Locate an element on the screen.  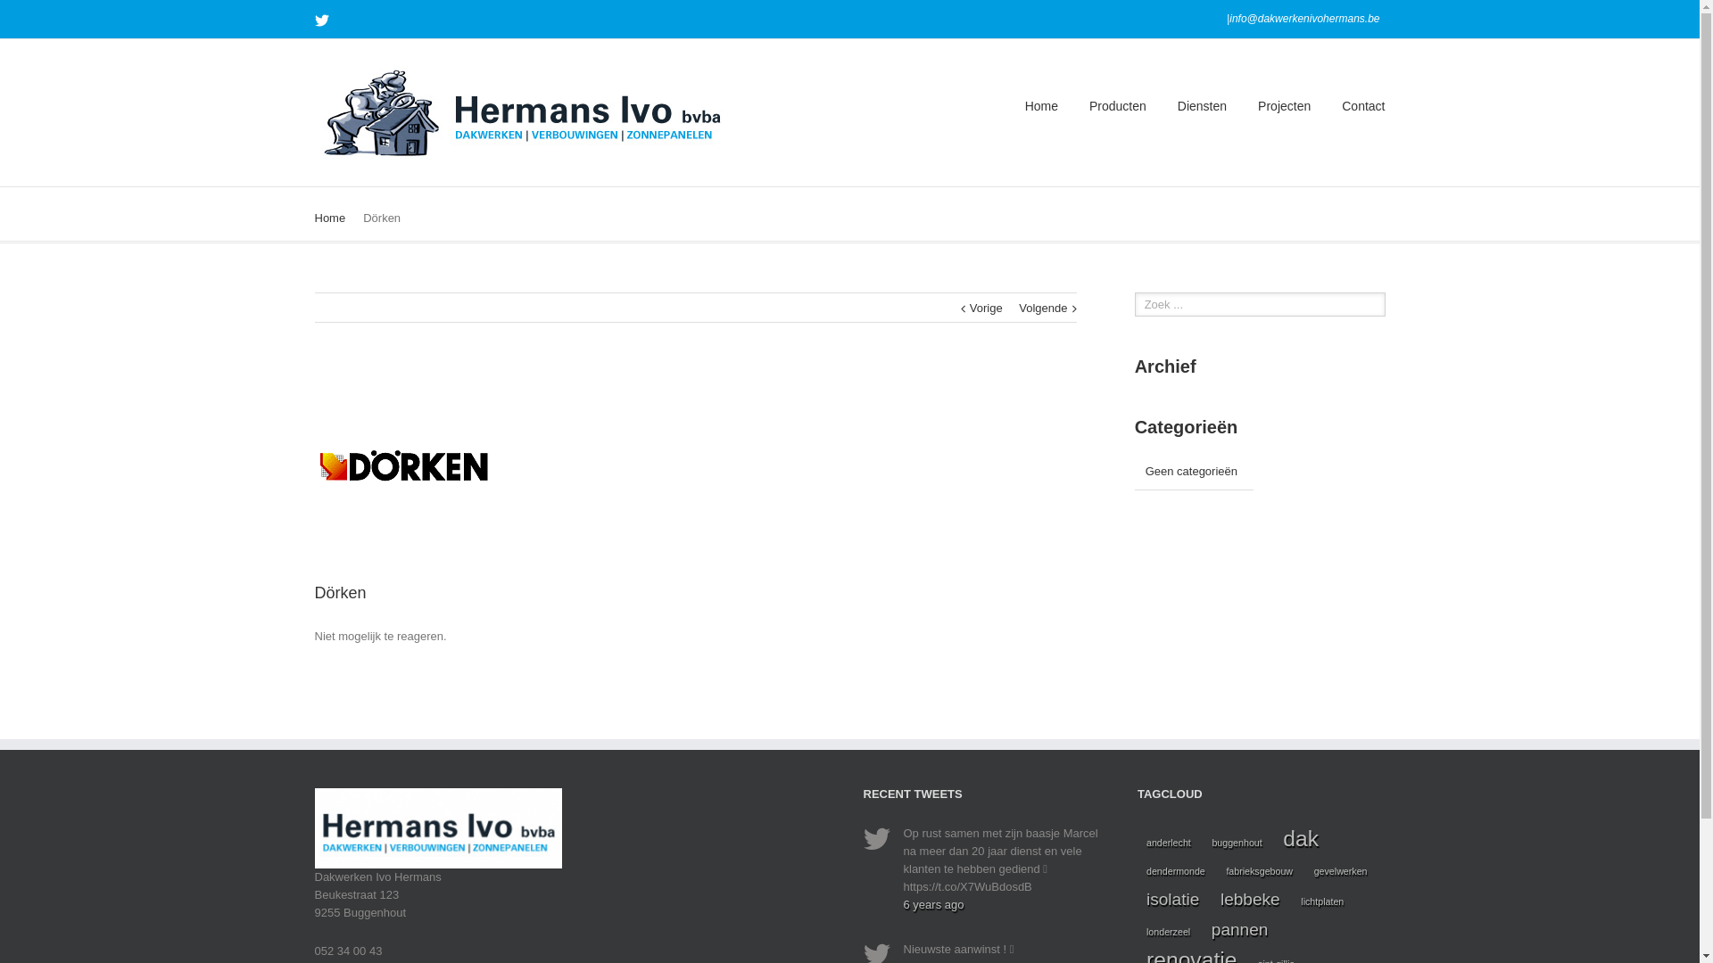
'londerzeel' is located at coordinates (1168, 931).